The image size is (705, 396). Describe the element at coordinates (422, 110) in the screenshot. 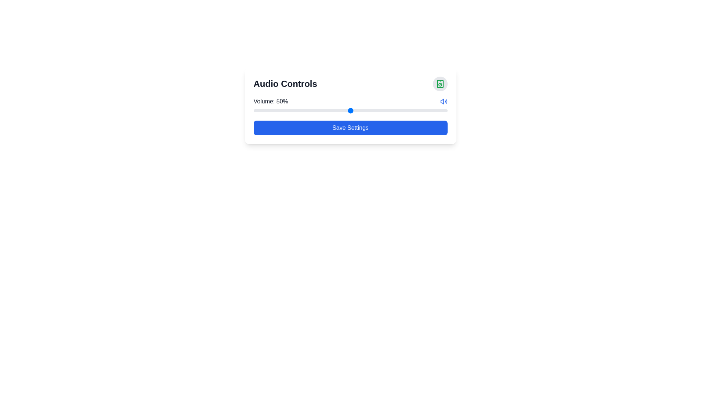

I see `the volume` at that location.